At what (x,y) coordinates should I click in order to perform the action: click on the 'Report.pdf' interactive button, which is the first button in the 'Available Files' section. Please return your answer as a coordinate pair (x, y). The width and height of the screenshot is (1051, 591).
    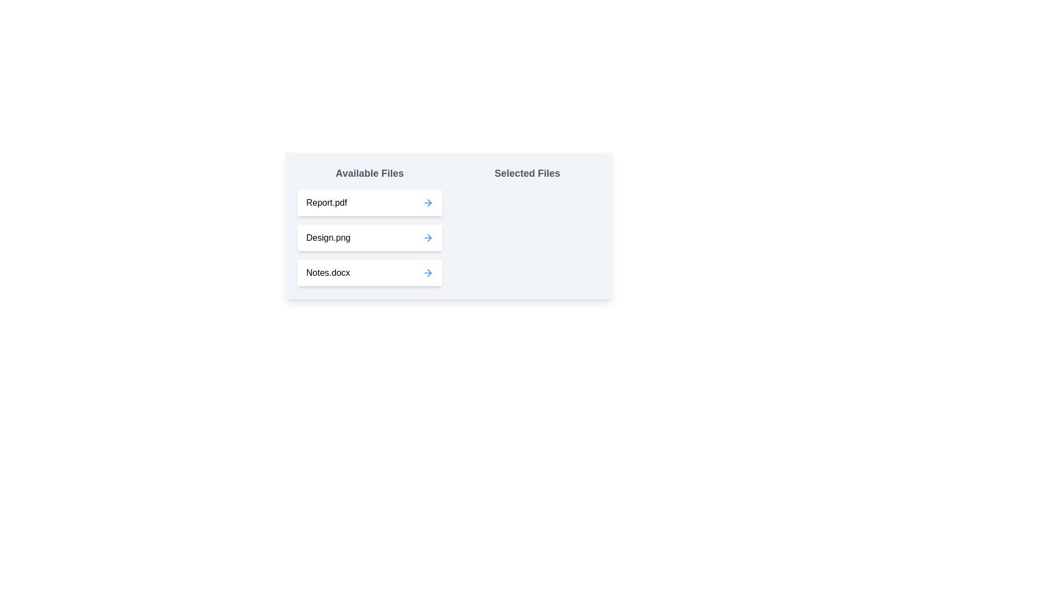
    Looking at the image, I should click on (369, 202).